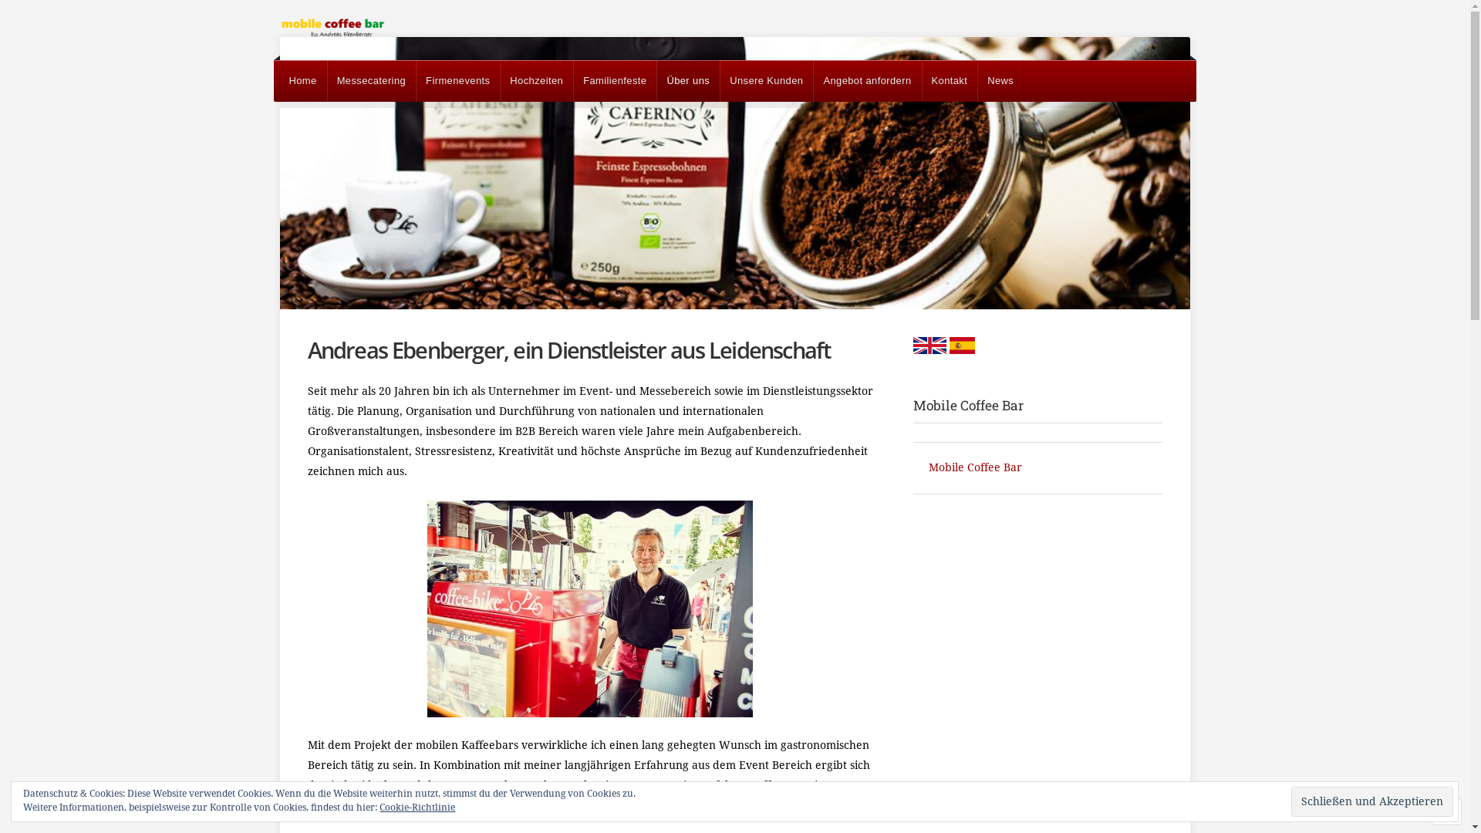 Image resolution: width=1481 pixels, height=833 pixels. What do you see at coordinates (613, 80) in the screenshot?
I see `'Familienfeste'` at bounding box center [613, 80].